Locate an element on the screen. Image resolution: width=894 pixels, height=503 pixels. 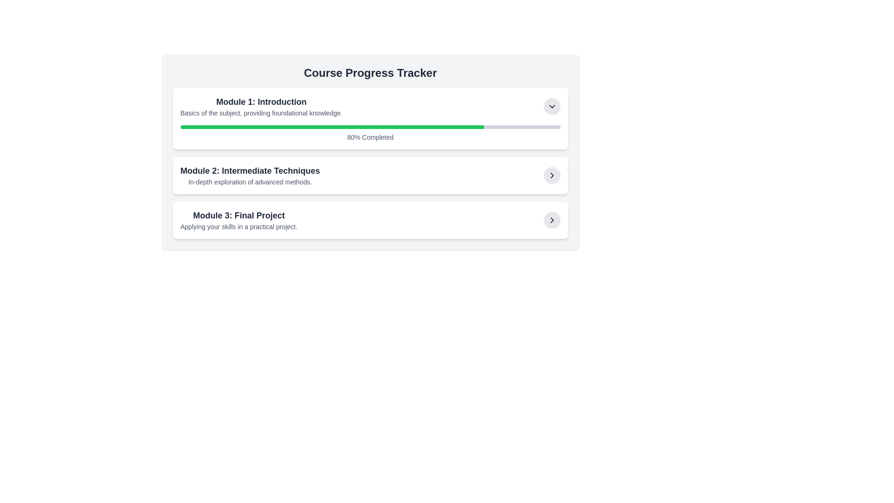
title and description of the first module in the Course Progress Tracker, which is a Collapsible module item located at the top of the list is located at coordinates (370, 106).